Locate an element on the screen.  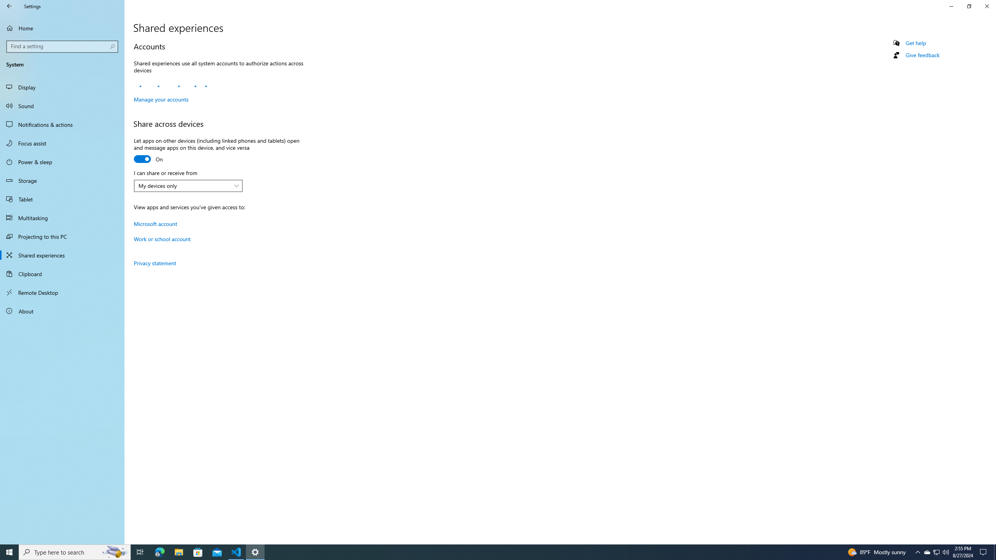
'Type here to search' is located at coordinates (74, 551).